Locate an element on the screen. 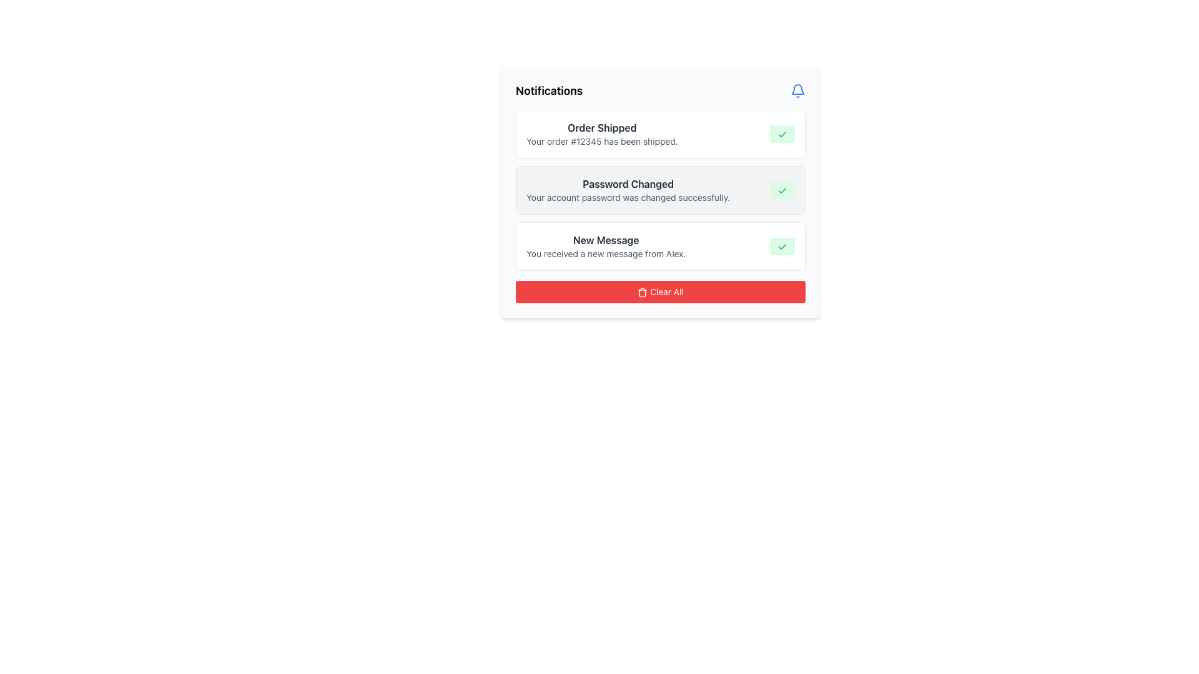 This screenshot has width=1199, height=674. the bold, dark text label reading 'New Message' located at the top of the notification panel entry in the third notification card is located at coordinates (606, 240).